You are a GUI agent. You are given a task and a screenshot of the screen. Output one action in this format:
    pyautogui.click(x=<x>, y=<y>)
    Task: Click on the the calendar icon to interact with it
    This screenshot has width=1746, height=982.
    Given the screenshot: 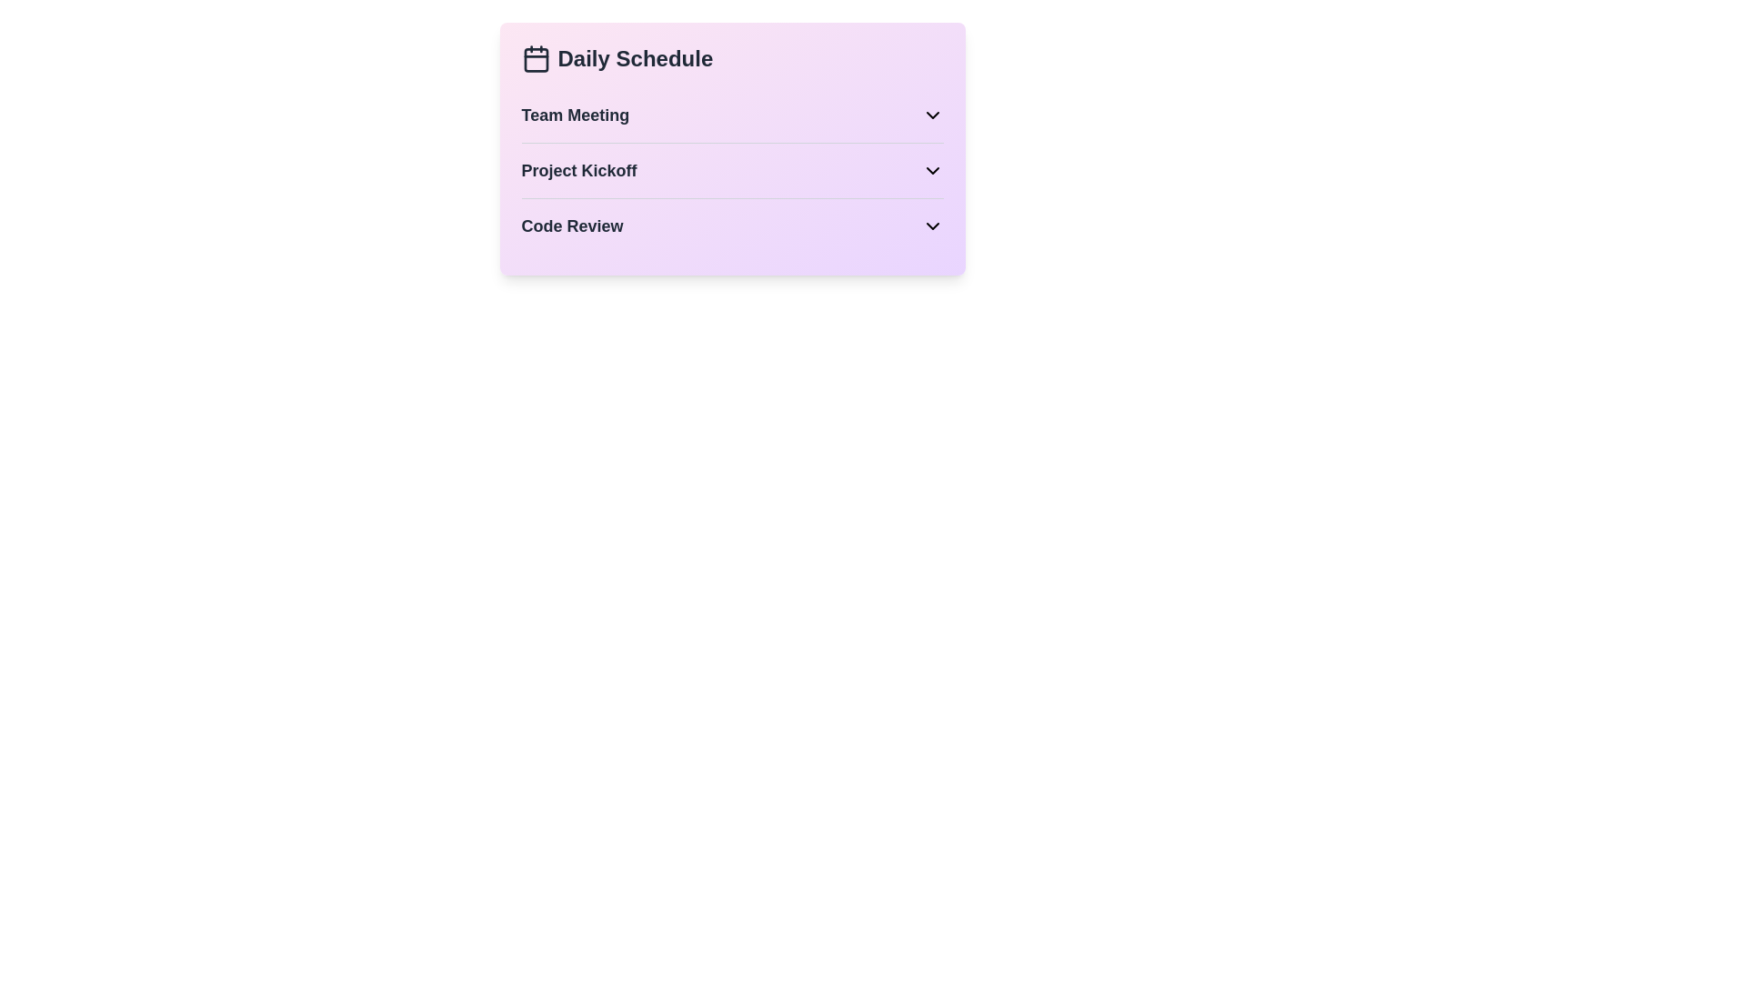 What is the action you would take?
    pyautogui.click(x=535, y=58)
    